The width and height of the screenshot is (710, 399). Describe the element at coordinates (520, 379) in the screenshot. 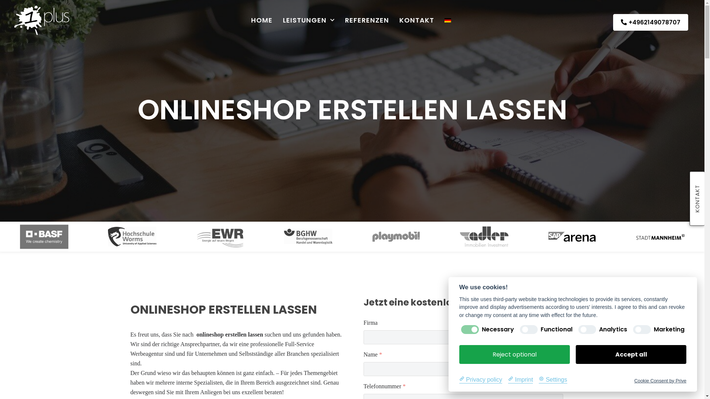

I see `'Imprint'` at that location.